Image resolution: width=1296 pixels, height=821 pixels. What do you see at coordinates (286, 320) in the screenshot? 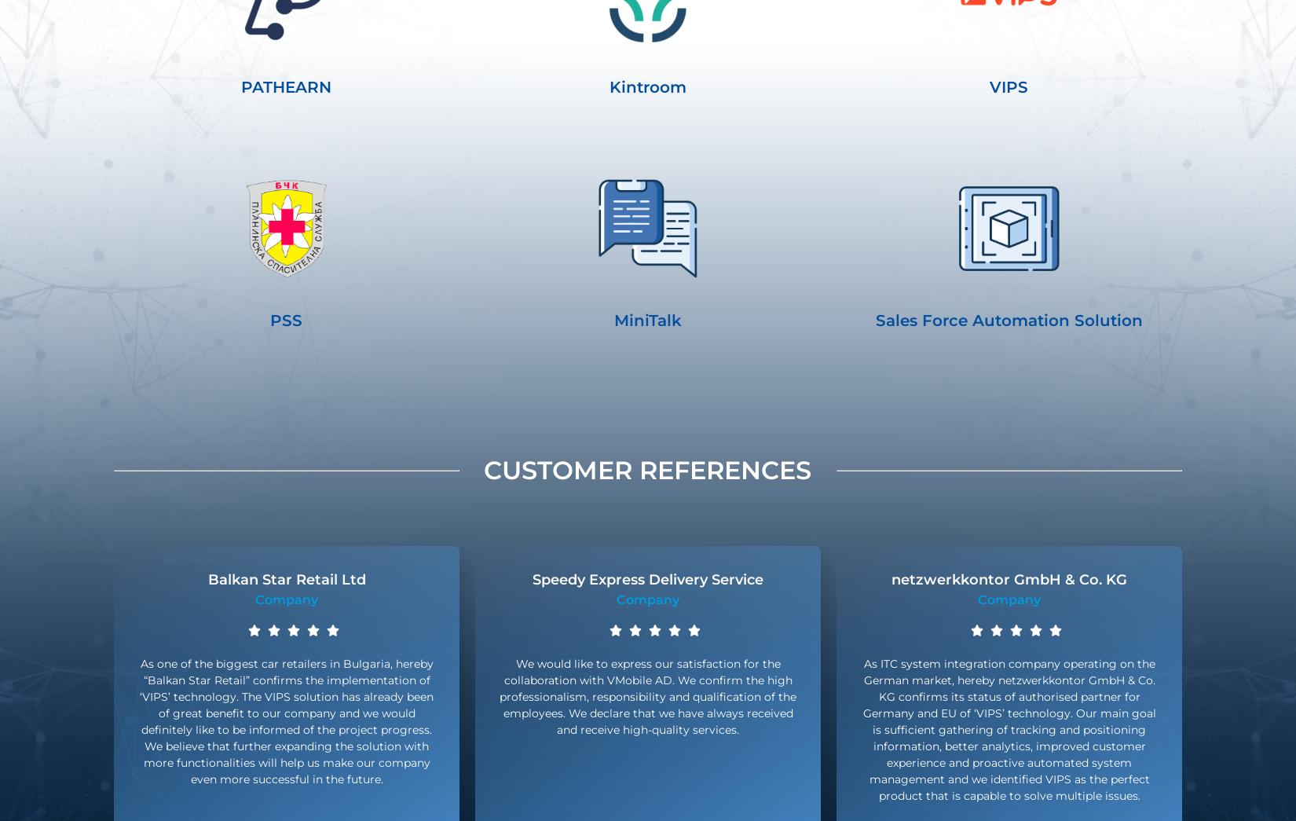
I see `'PSS'` at bounding box center [286, 320].